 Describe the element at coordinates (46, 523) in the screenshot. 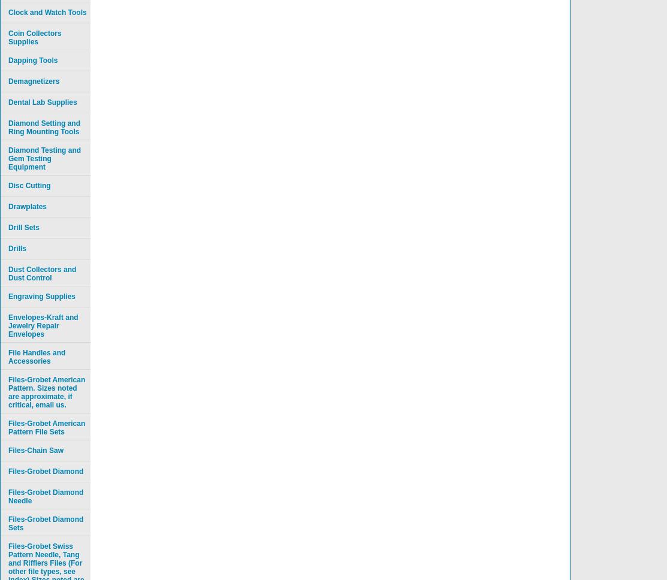

I see `'Files-Grobet  Diamond Sets'` at that location.